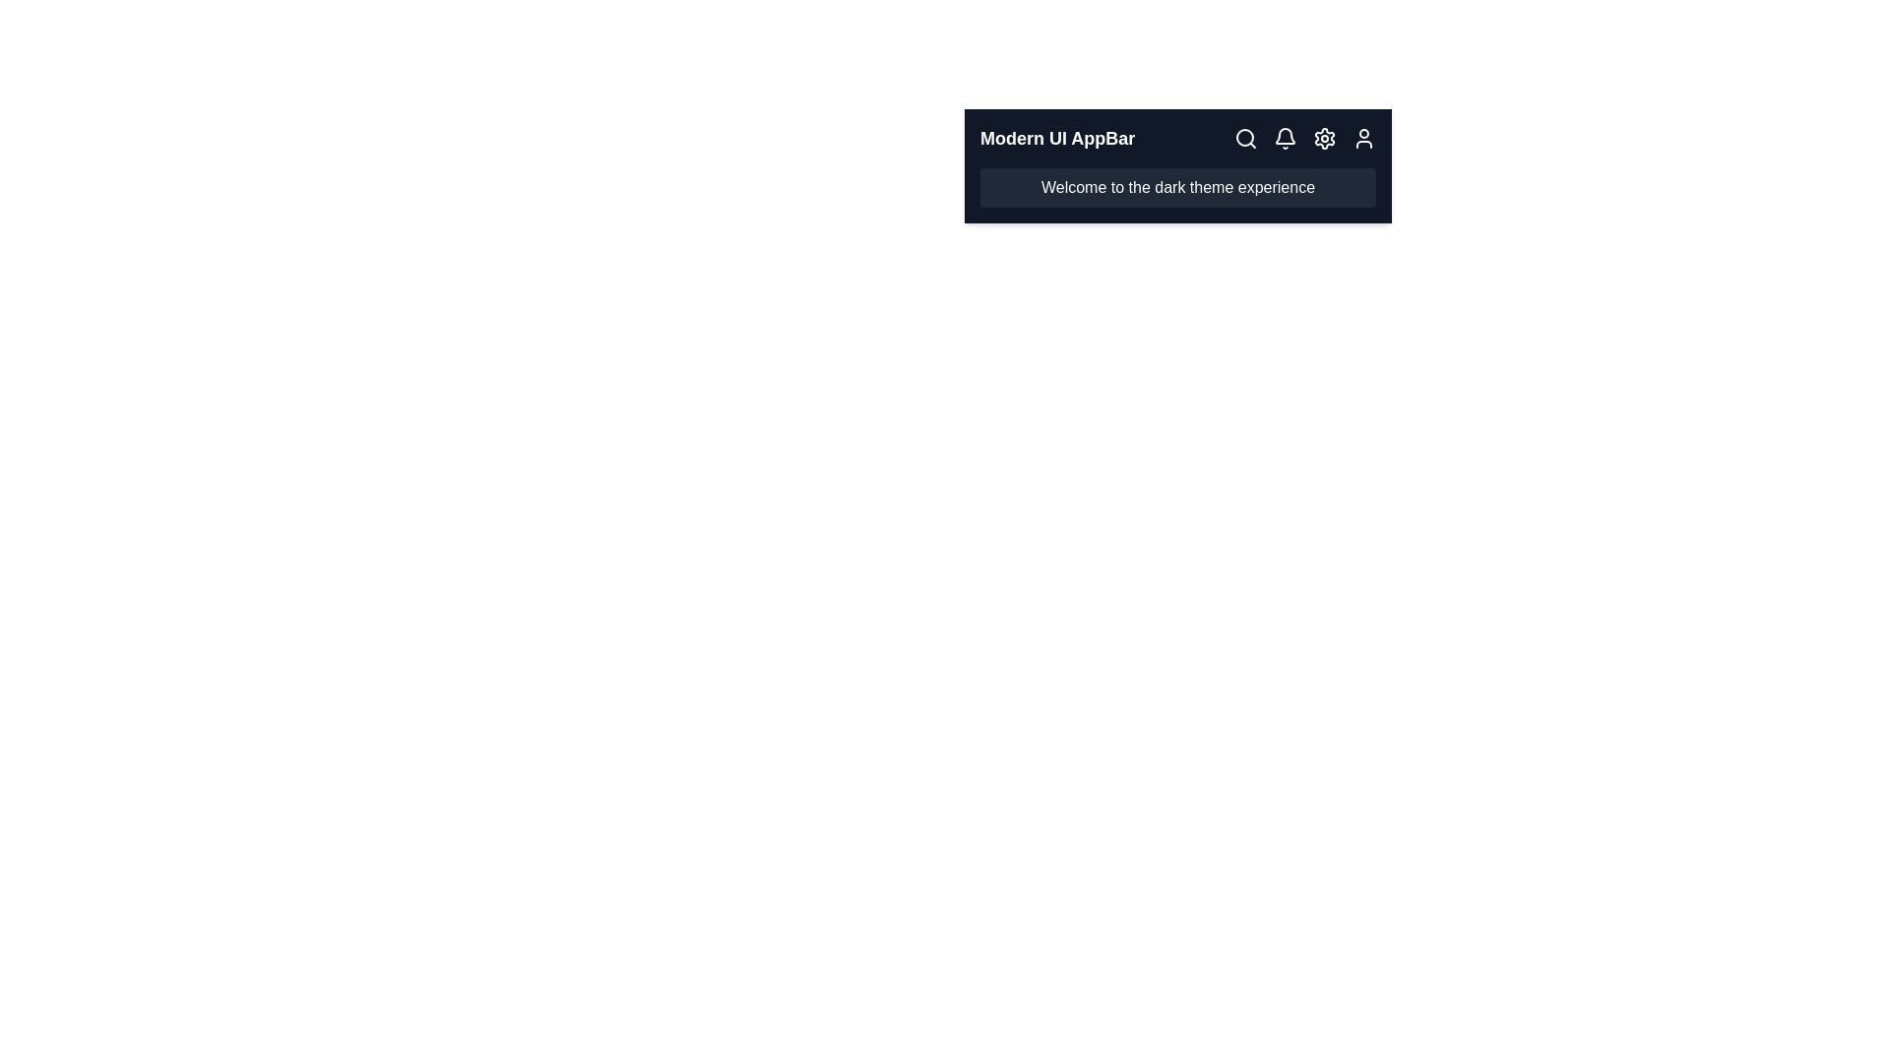 This screenshot has width=1890, height=1063. I want to click on the 'Settings' icon in the app bar, so click(1324, 138).